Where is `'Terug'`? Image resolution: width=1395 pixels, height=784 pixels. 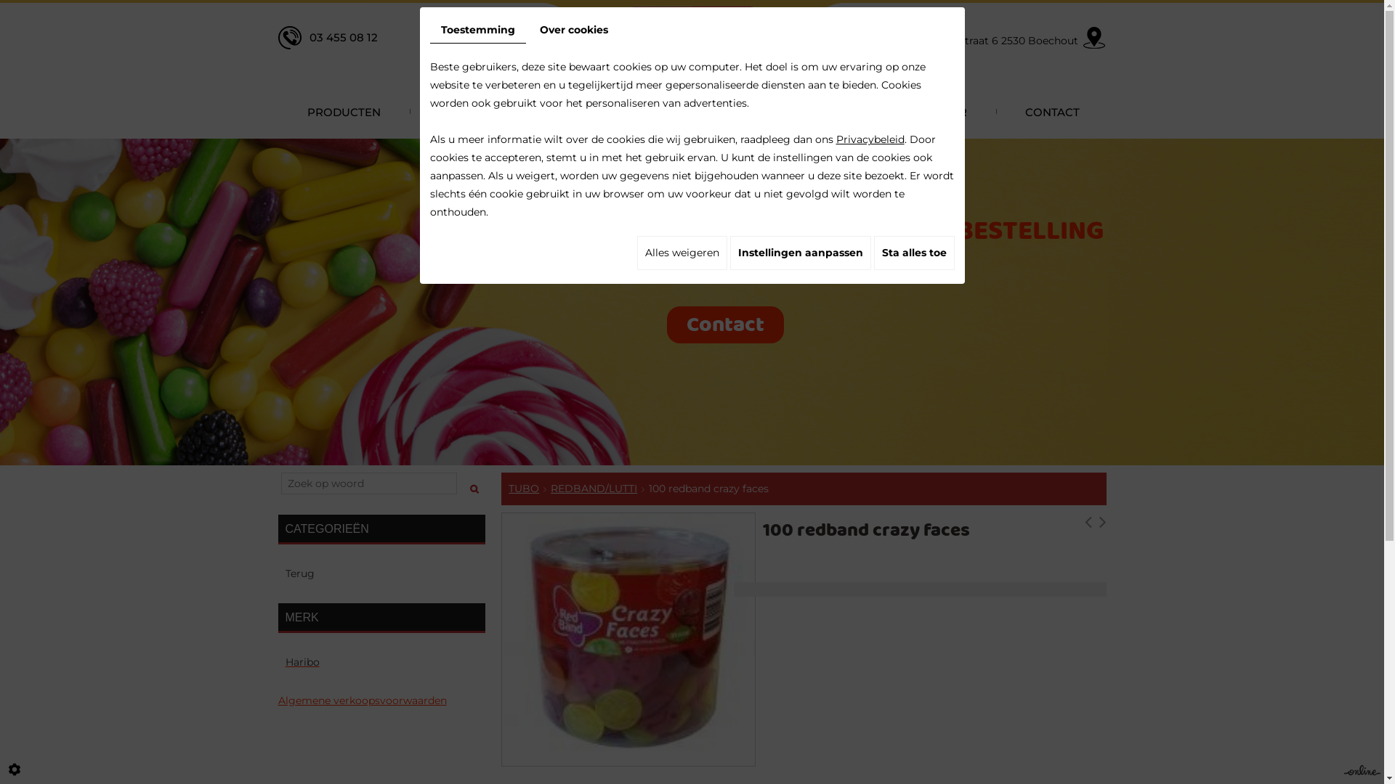 'Terug' is located at coordinates (381, 573).